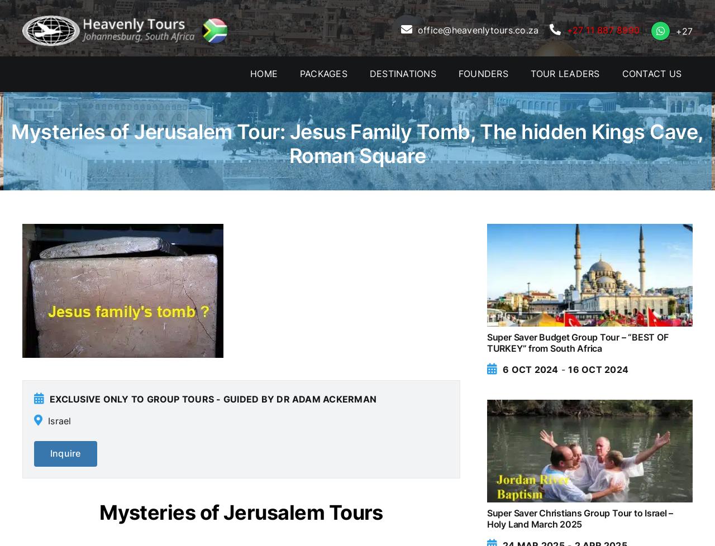 The image size is (715, 546). I want to click on '6 Oct 2024', so click(530, 369).